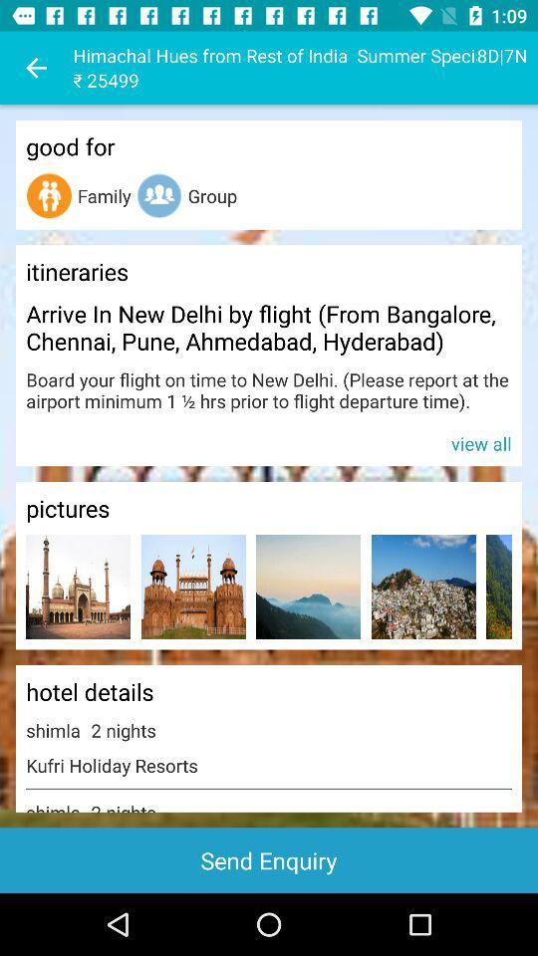  What do you see at coordinates (422, 587) in the screenshot?
I see `item below pictures` at bounding box center [422, 587].